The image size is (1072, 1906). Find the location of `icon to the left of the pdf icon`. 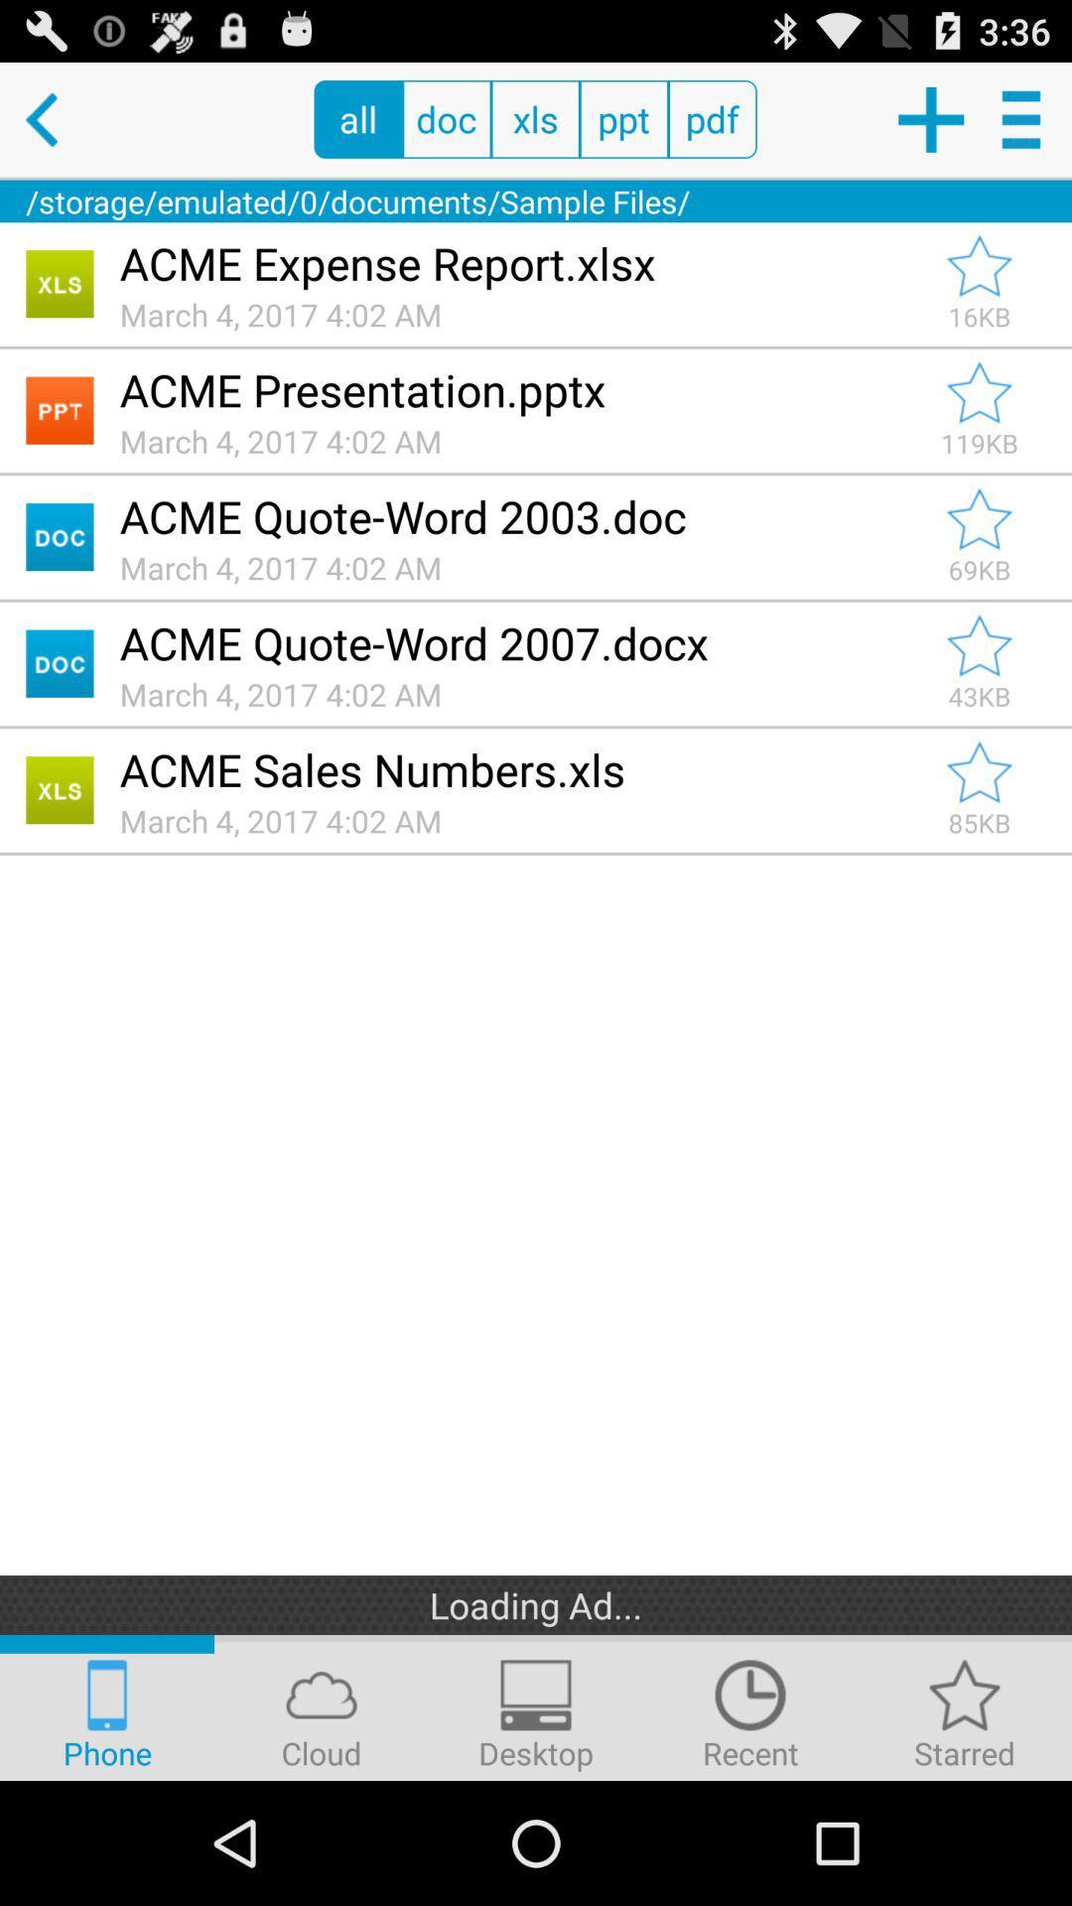

icon to the left of the pdf icon is located at coordinates (622, 118).